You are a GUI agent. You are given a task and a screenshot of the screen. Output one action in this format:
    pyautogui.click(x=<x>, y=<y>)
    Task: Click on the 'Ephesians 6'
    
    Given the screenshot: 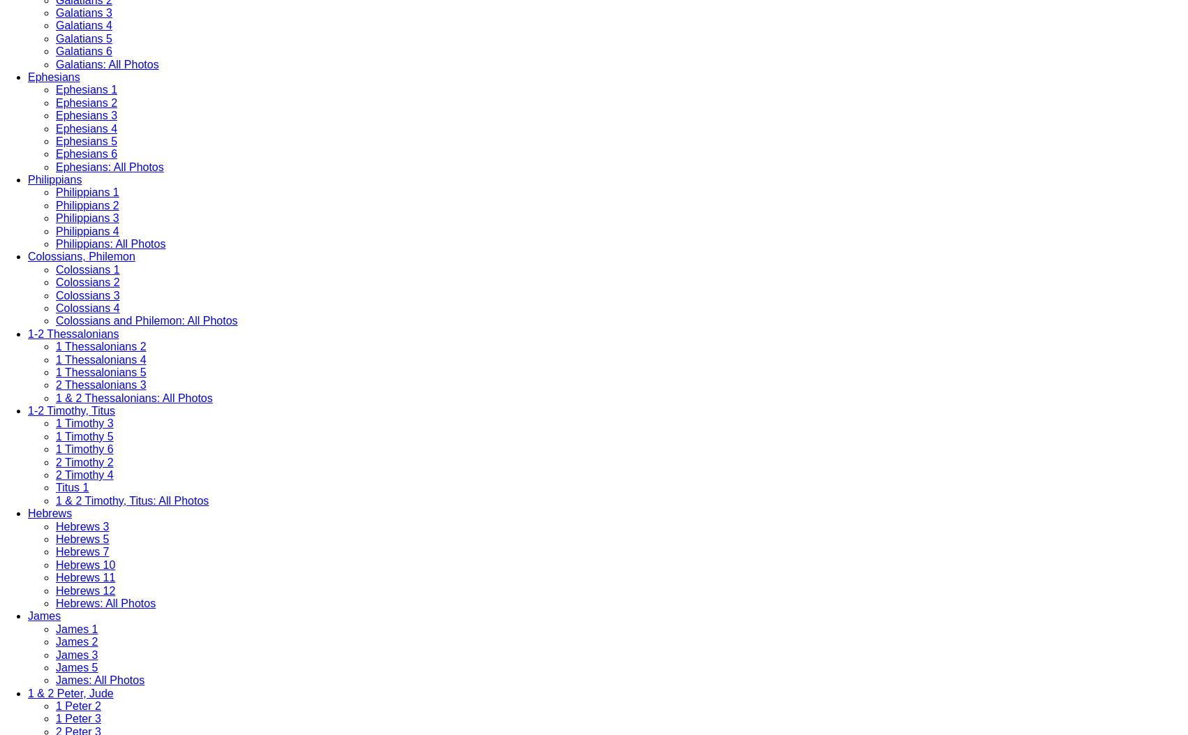 What is the action you would take?
    pyautogui.click(x=87, y=154)
    